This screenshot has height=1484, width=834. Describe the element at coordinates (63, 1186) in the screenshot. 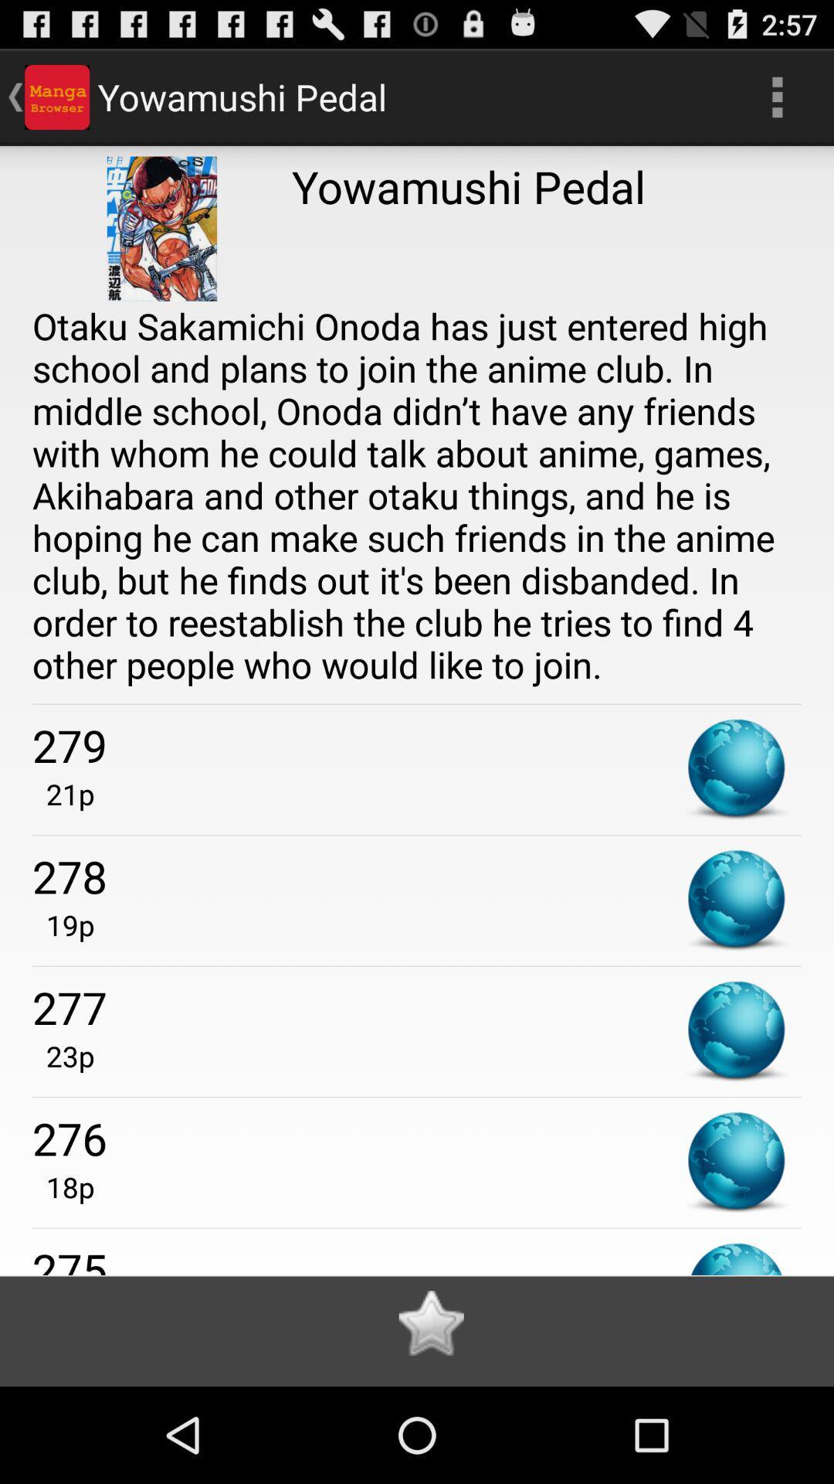

I see `item above the 275 item` at that location.